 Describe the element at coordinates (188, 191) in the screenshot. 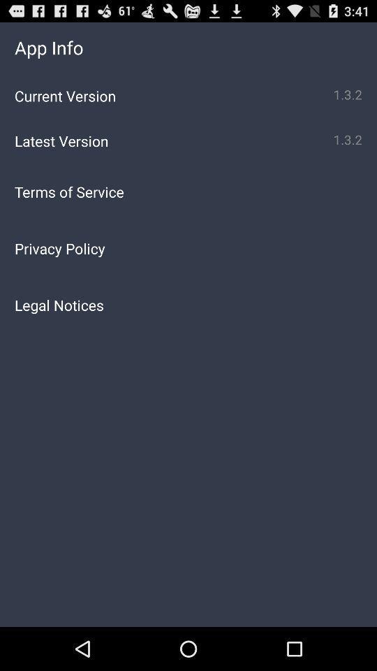

I see `the terms of service` at that location.